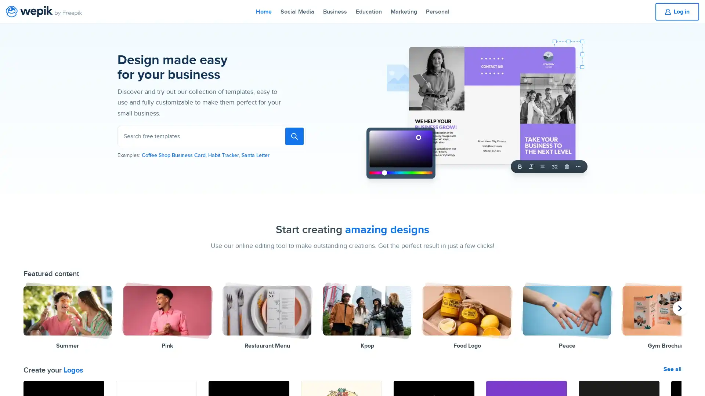 Image resolution: width=705 pixels, height=396 pixels. I want to click on To search, so click(294, 142).